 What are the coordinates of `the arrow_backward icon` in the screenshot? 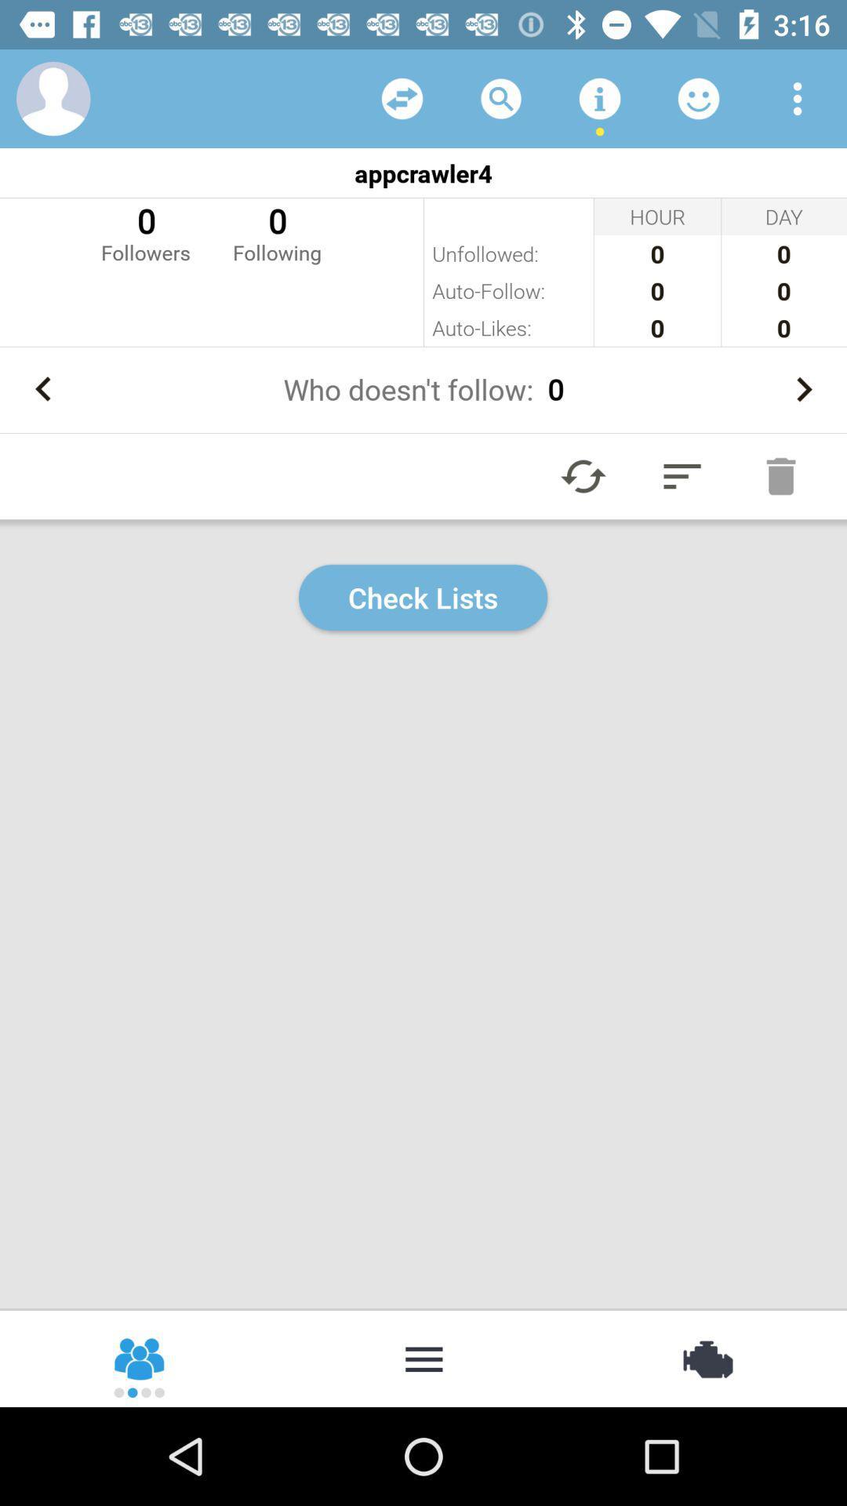 It's located at (42, 389).